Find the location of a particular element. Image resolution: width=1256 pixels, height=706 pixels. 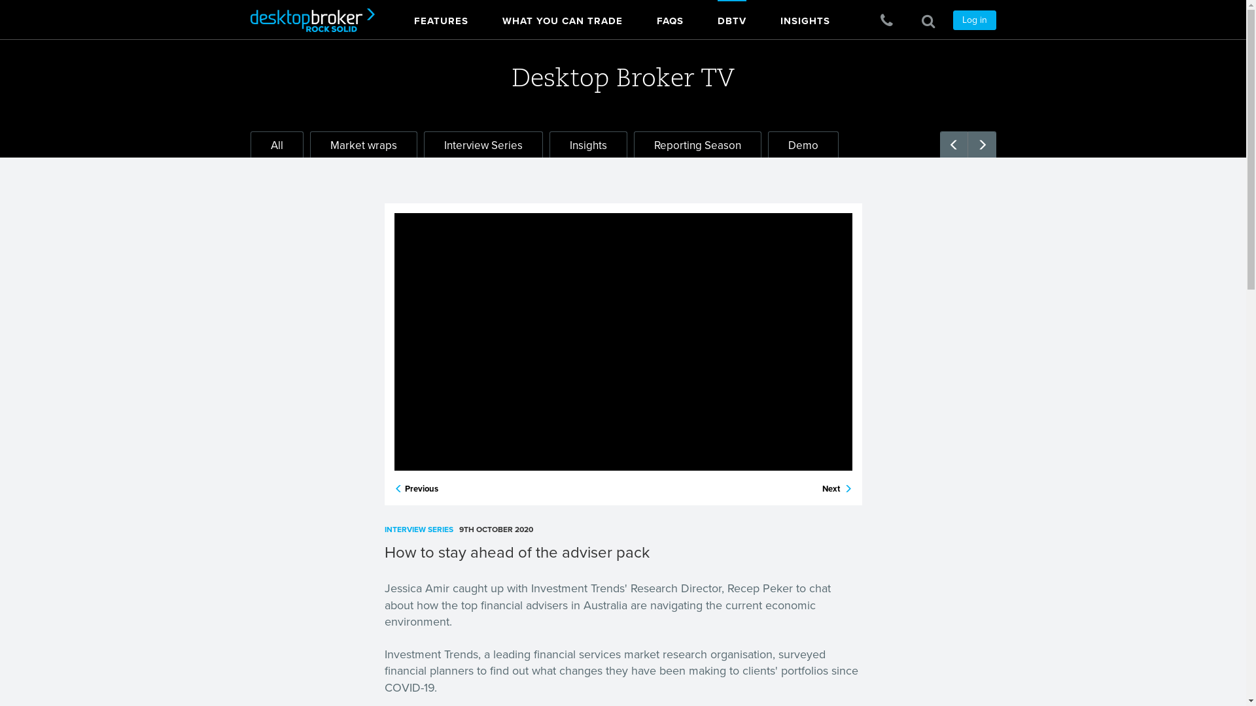

'Next' is located at coordinates (835, 489).